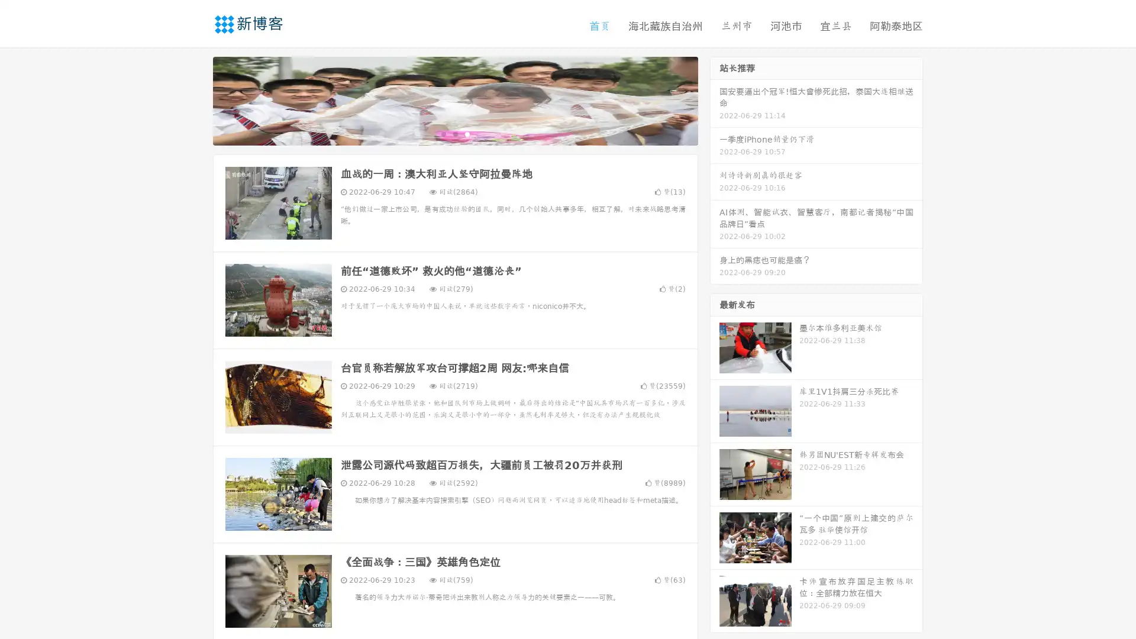  What do you see at coordinates (195, 99) in the screenshot?
I see `Previous slide` at bounding box center [195, 99].